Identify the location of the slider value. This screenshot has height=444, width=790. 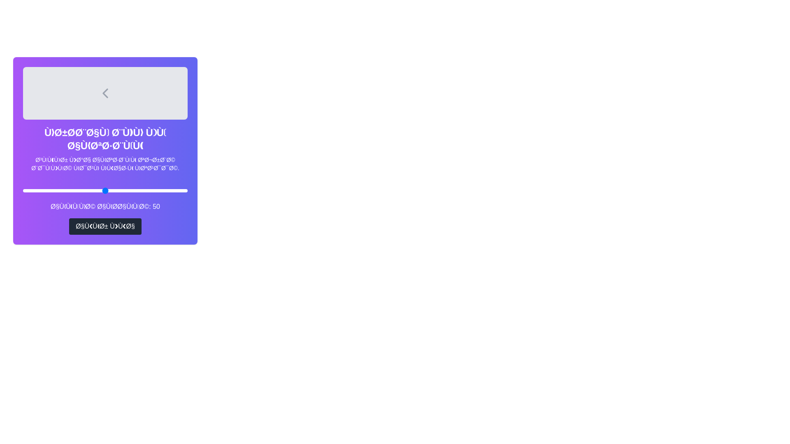
(95, 190).